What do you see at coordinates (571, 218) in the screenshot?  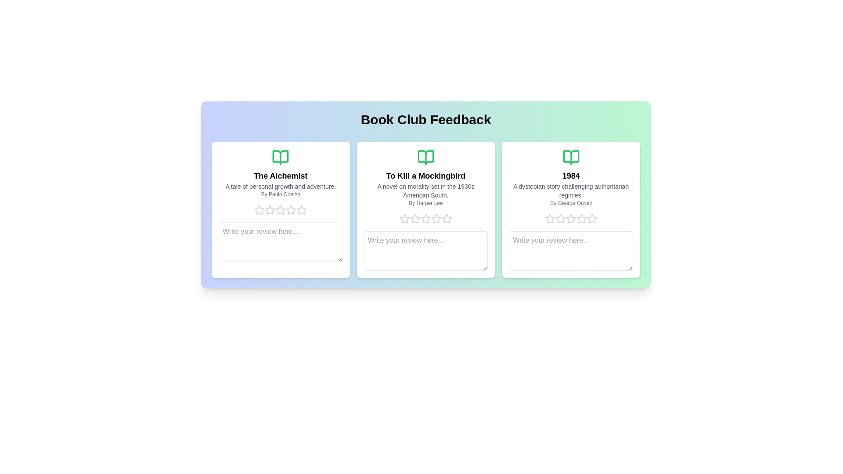 I see `the fifth rating star icon under the '1984' card in the 'Book Club Feedback' section for keyboard selection` at bounding box center [571, 218].